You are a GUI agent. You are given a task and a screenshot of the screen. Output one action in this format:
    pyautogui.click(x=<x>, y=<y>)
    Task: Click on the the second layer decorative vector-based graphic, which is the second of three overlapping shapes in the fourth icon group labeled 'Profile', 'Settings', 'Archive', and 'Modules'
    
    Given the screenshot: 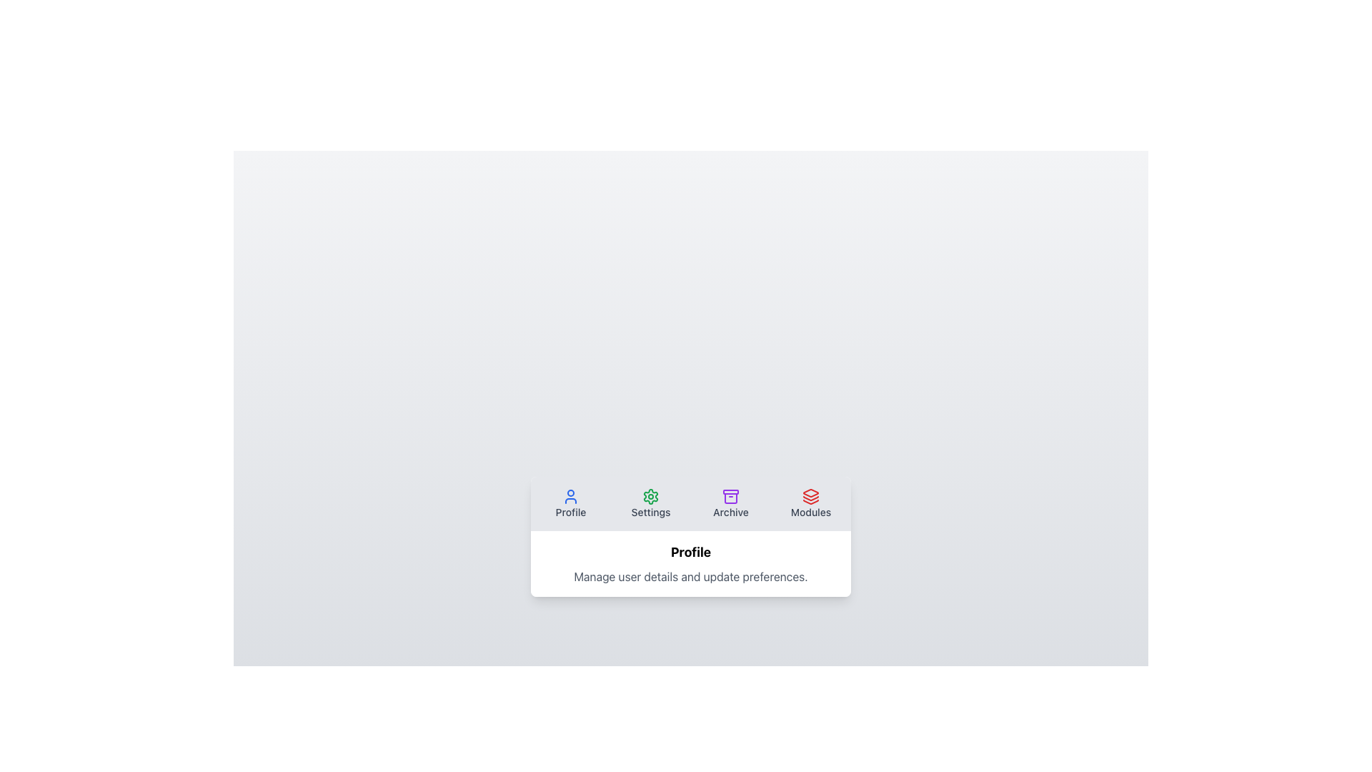 What is the action you would take?
    pyautogui.click(x=810, y=498)
    